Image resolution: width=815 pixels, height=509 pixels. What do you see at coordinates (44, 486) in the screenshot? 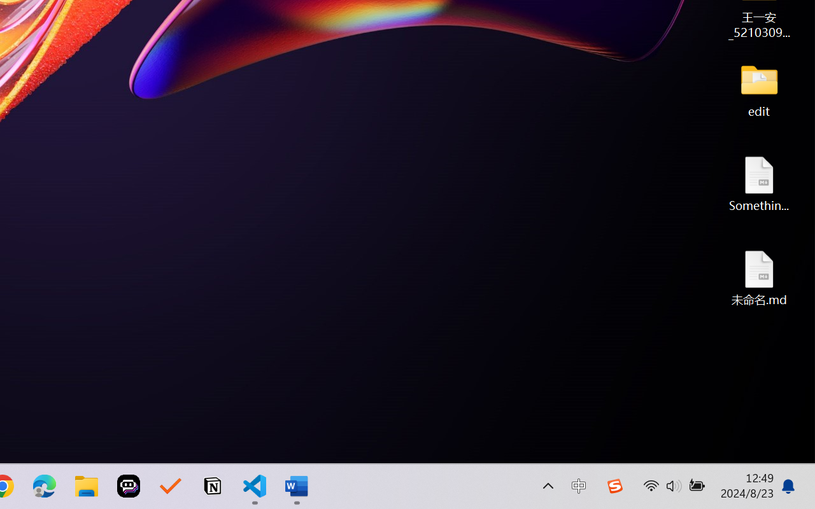
I see `'Microsoft Edge'` at bounding box center [44, 486].